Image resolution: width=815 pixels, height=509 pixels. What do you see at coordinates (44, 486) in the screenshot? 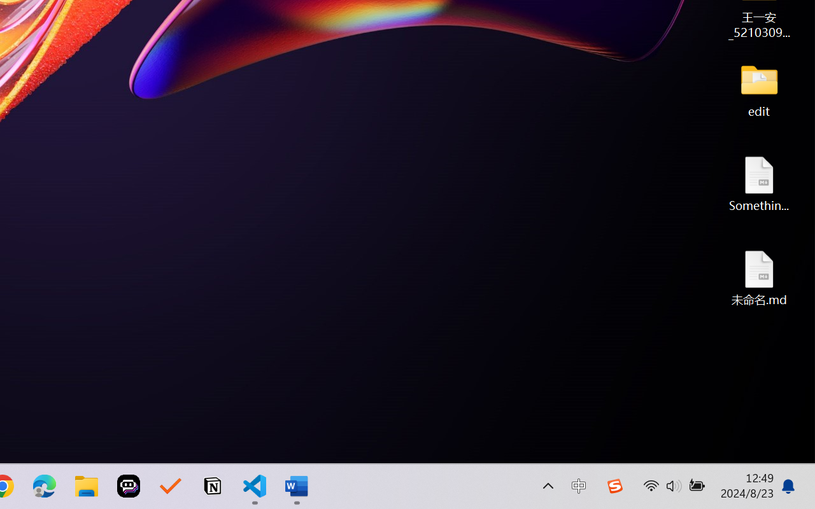
I see `'Microsoft Edge'` at bounding box center [44, 486].